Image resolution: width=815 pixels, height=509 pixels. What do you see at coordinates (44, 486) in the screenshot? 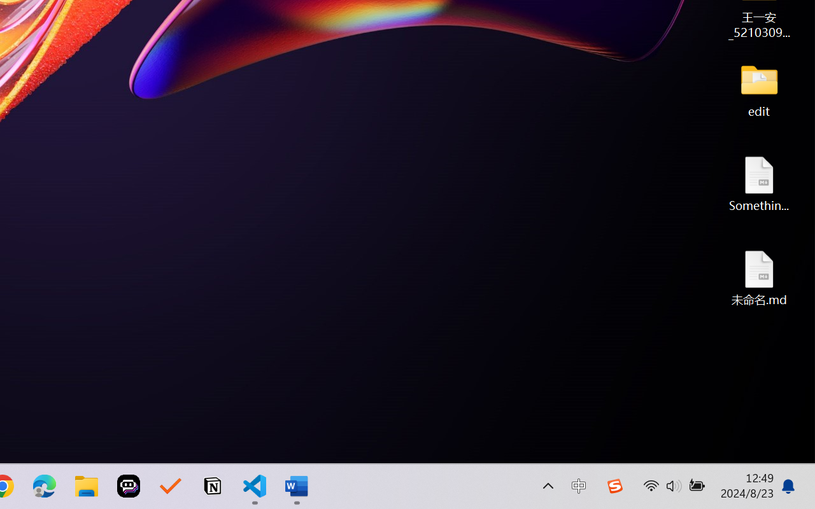
I see `'Microsoft Edge'` at bounding box center [44, 486].